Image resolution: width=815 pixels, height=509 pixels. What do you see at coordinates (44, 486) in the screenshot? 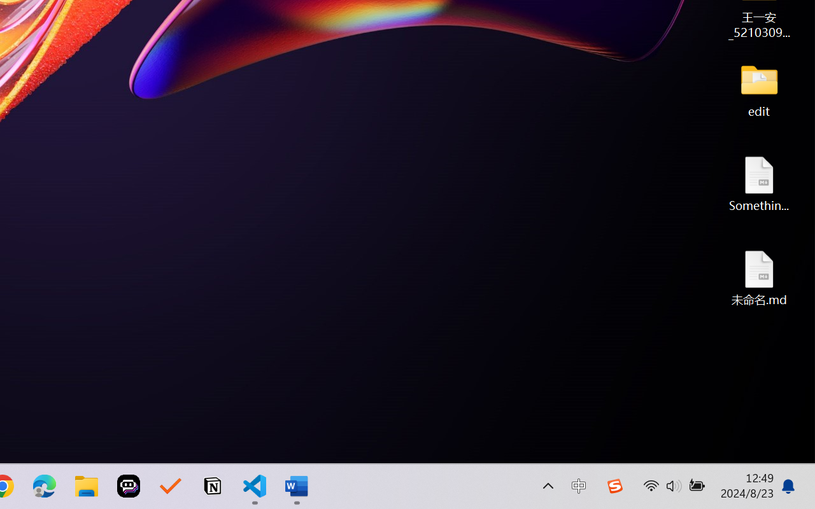
I see `'Microsoft Edge'` at bounding box center [44, 486].